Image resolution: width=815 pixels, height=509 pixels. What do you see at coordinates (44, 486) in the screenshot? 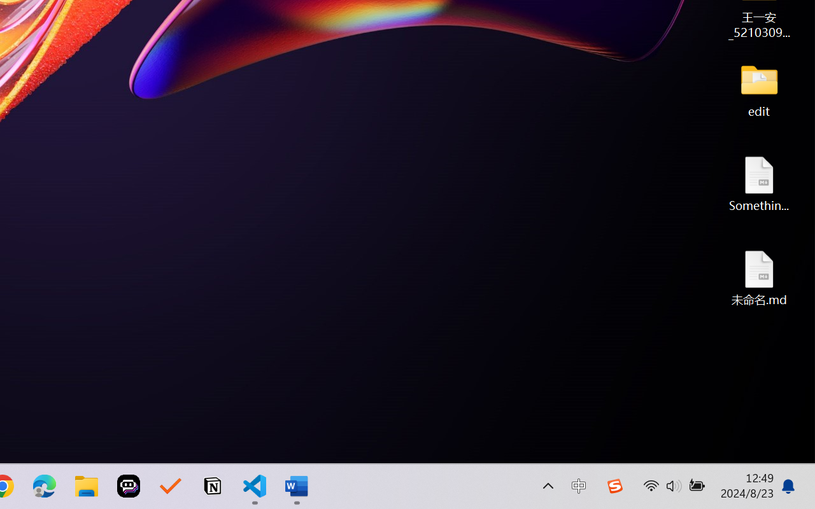
I see `'Microsoft Edge'` at bounding box center [44, 486].